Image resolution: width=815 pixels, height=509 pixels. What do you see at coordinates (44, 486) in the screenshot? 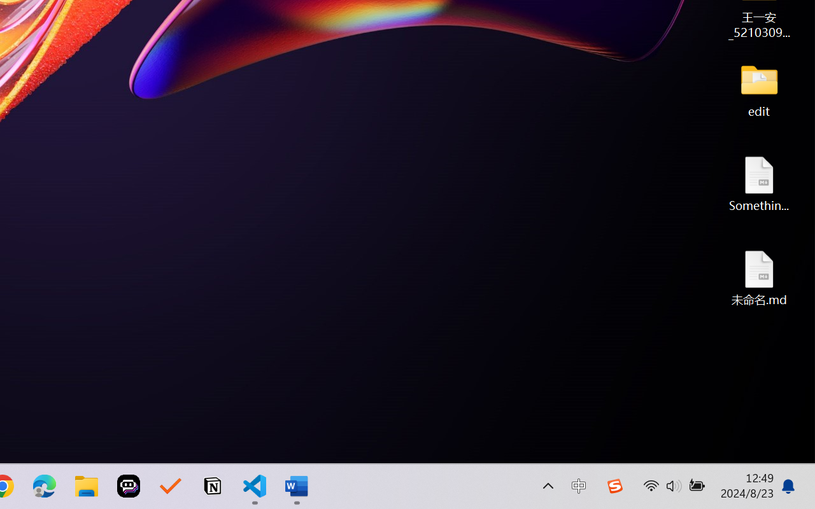
I see `'Microsoft Edge'` at bounding box center [44, 486].